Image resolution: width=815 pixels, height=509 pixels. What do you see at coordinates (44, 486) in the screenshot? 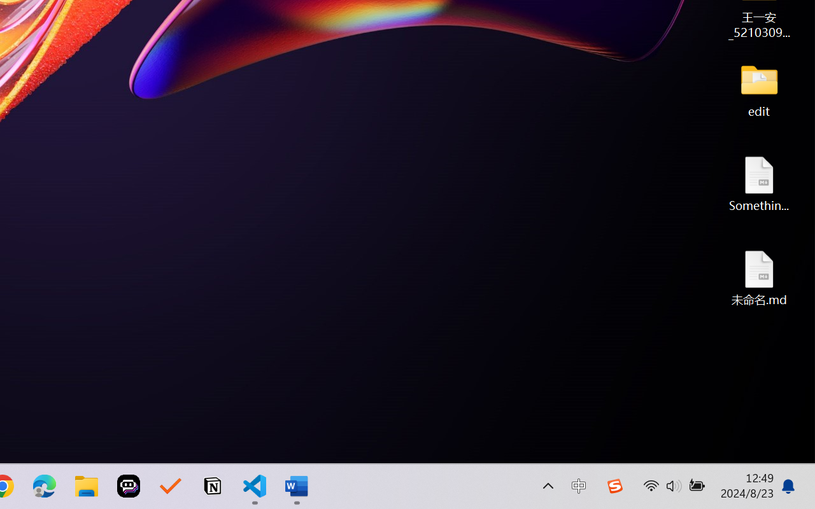
I see `'Microsoft Edge'` at bounding box center [44, 486].